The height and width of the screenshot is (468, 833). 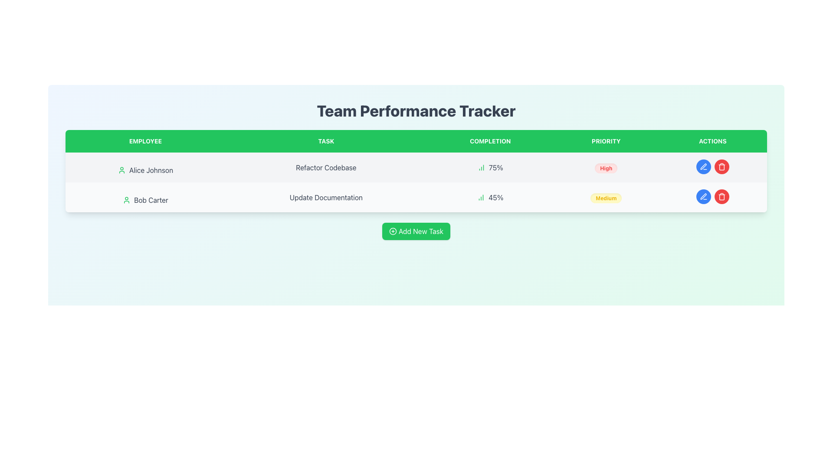 What do you see at coordinates (325, 197) in the screenshot?
I see `the text label displaying the task name for 'Bob Carter' located in the second row of the table under the 'TASK' column` at bounding box center [325, 197].